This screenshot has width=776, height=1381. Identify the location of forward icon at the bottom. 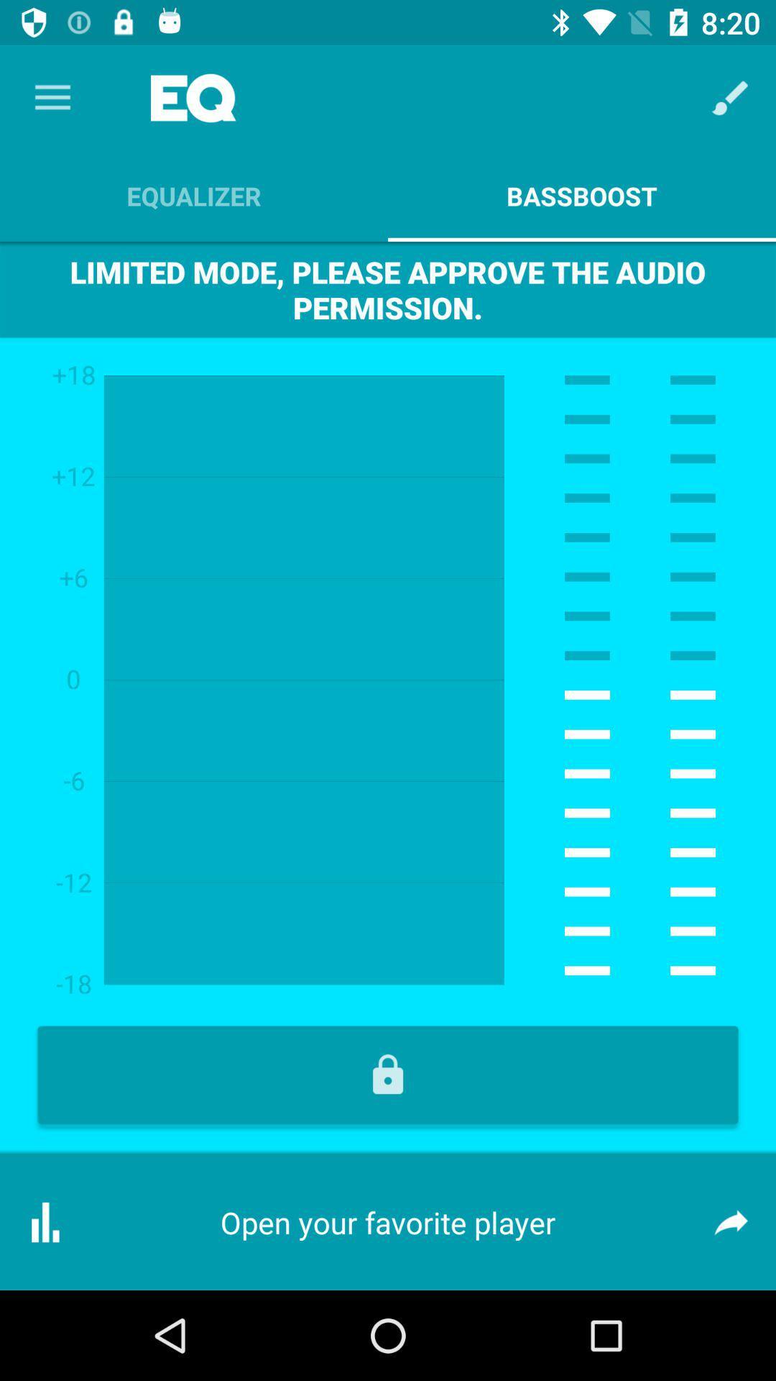
(731, 1221).